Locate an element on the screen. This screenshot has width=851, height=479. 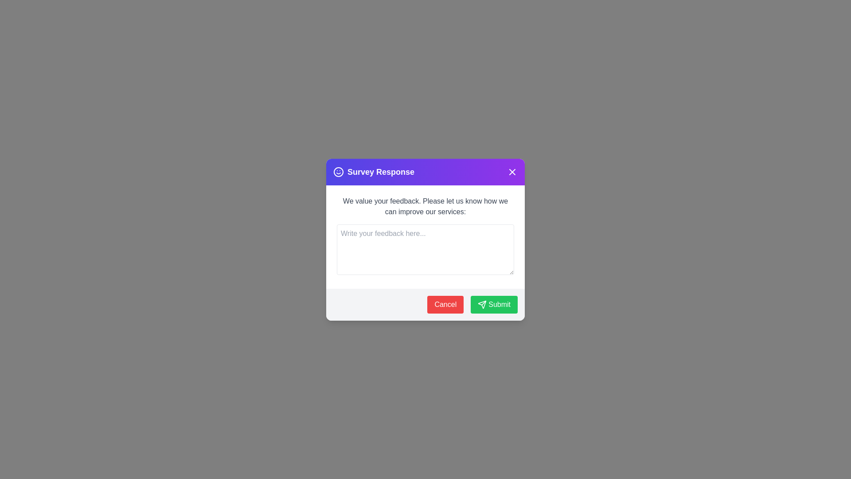
the text area and type the feedback is located at coordinates (425, 249).